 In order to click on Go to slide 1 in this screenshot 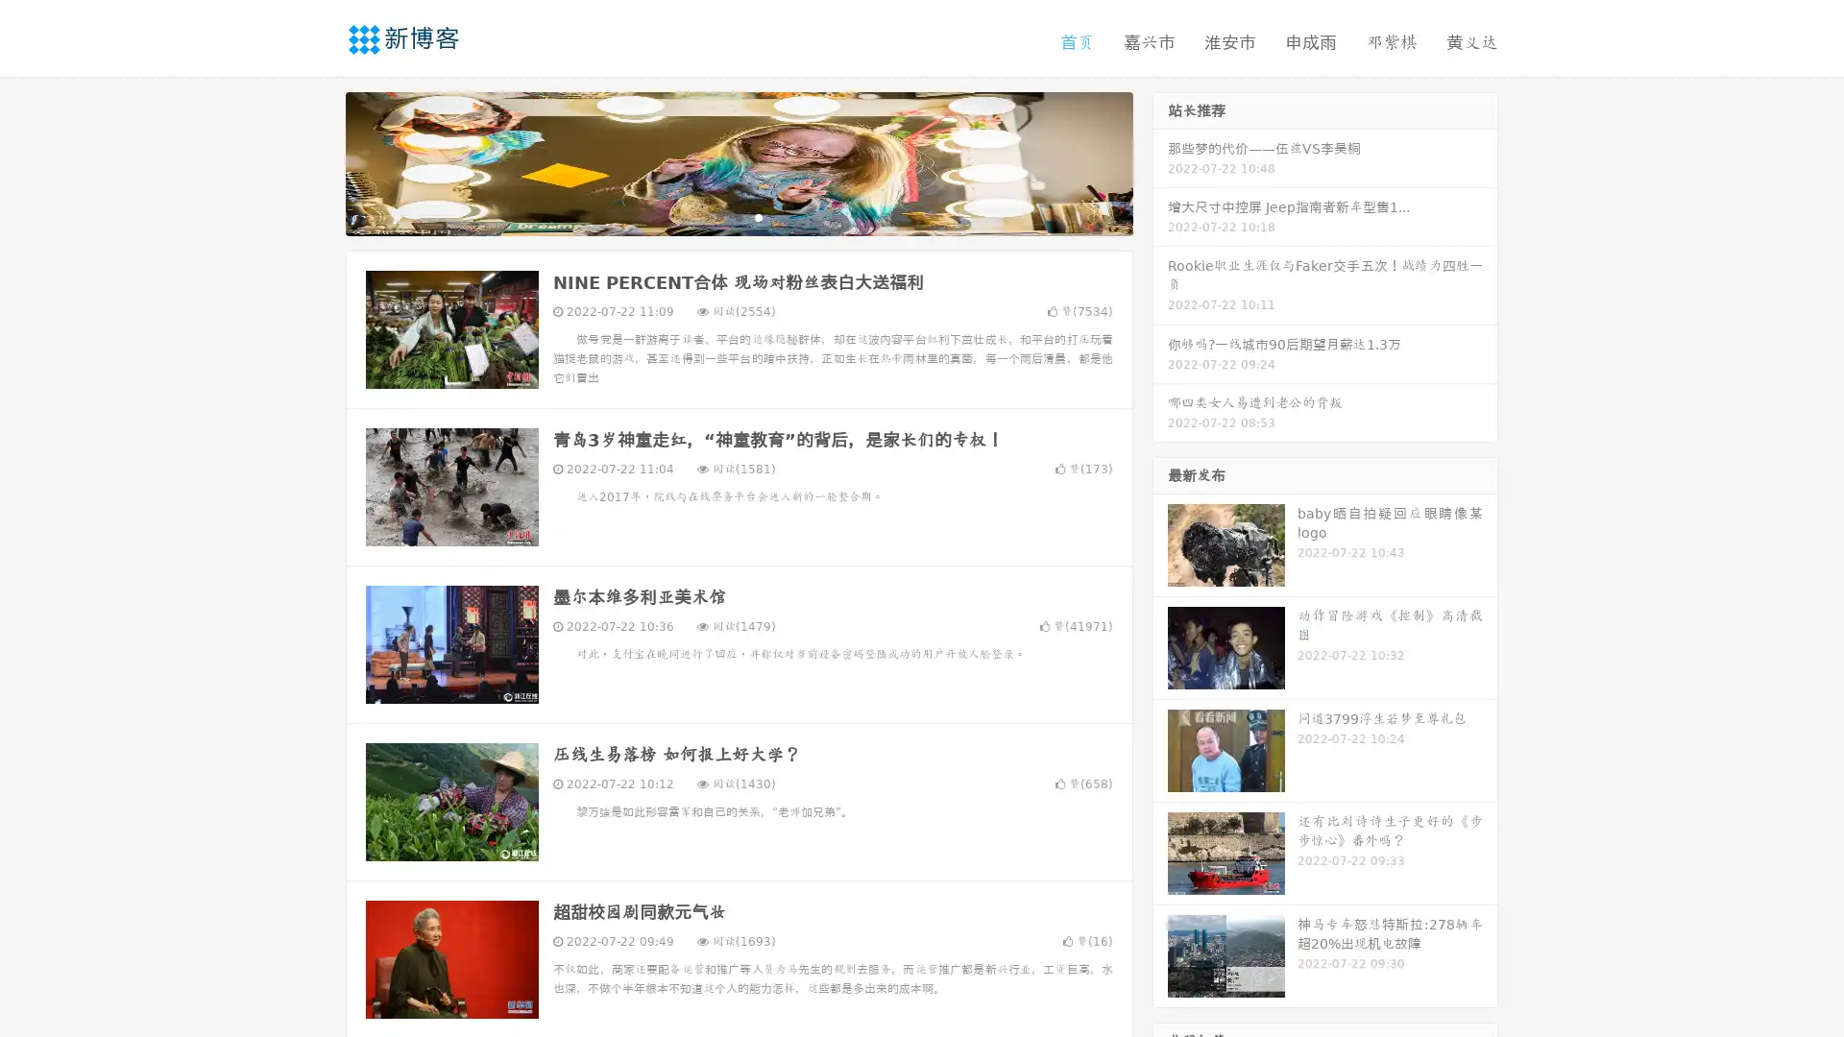, I will do `click(718, 216)`.